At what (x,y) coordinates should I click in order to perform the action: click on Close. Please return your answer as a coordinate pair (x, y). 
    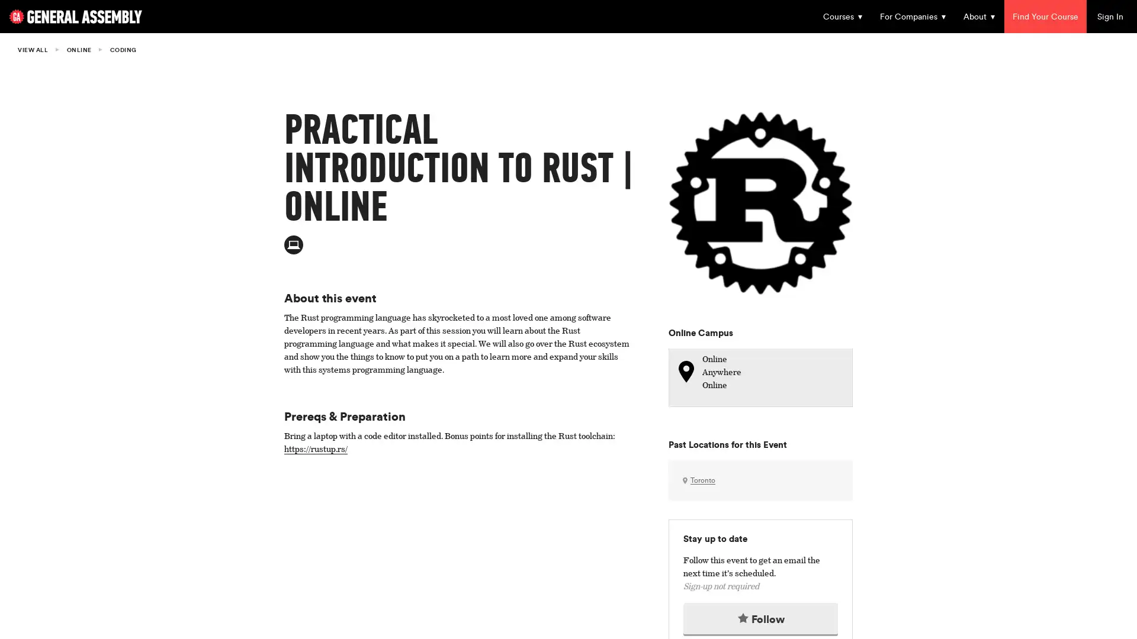
    Looking at the image, I should click on (793, 70).